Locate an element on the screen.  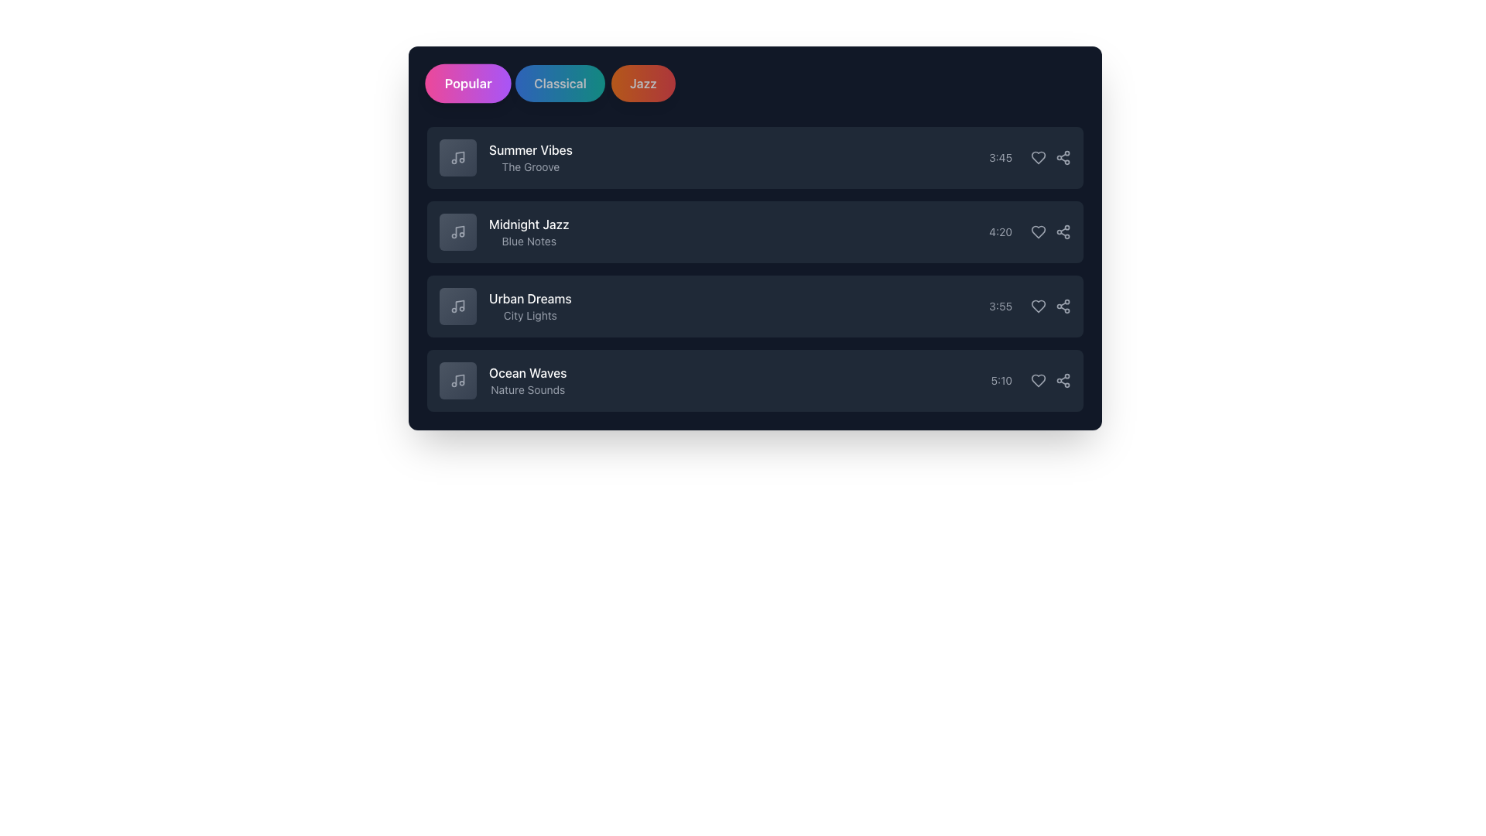
the 'like' or 'favorite' button located in the second row of the playlist interface is located at coordinates (1039, 232).